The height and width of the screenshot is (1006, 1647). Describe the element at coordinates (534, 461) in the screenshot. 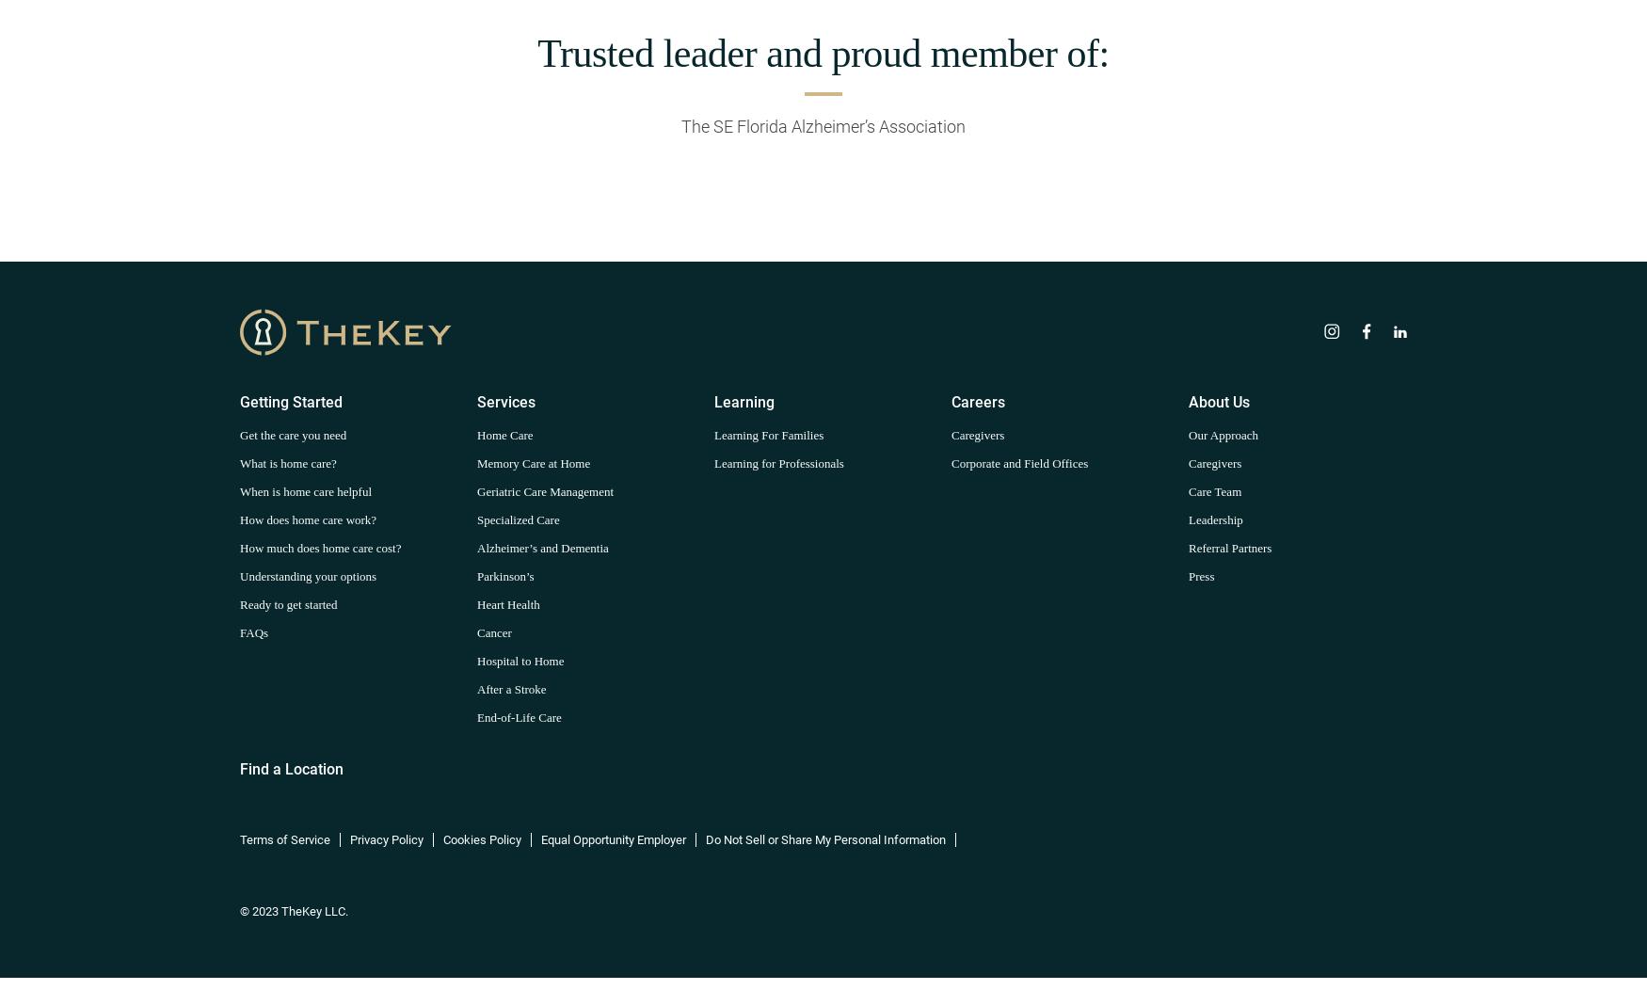

I see `'Memory Care at Home'` at that location.